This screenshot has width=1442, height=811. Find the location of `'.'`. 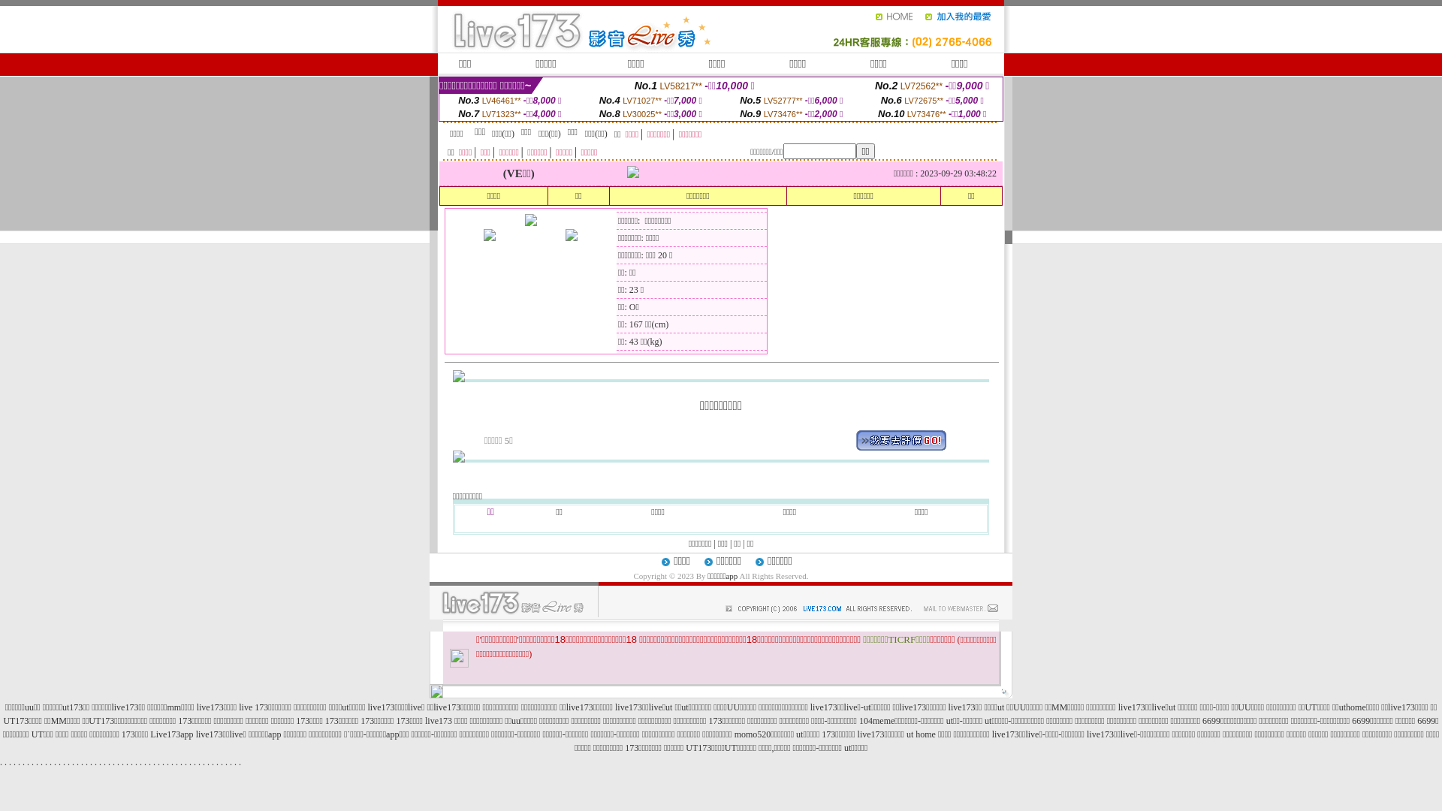

'.' is located at coordinates (136, 761).